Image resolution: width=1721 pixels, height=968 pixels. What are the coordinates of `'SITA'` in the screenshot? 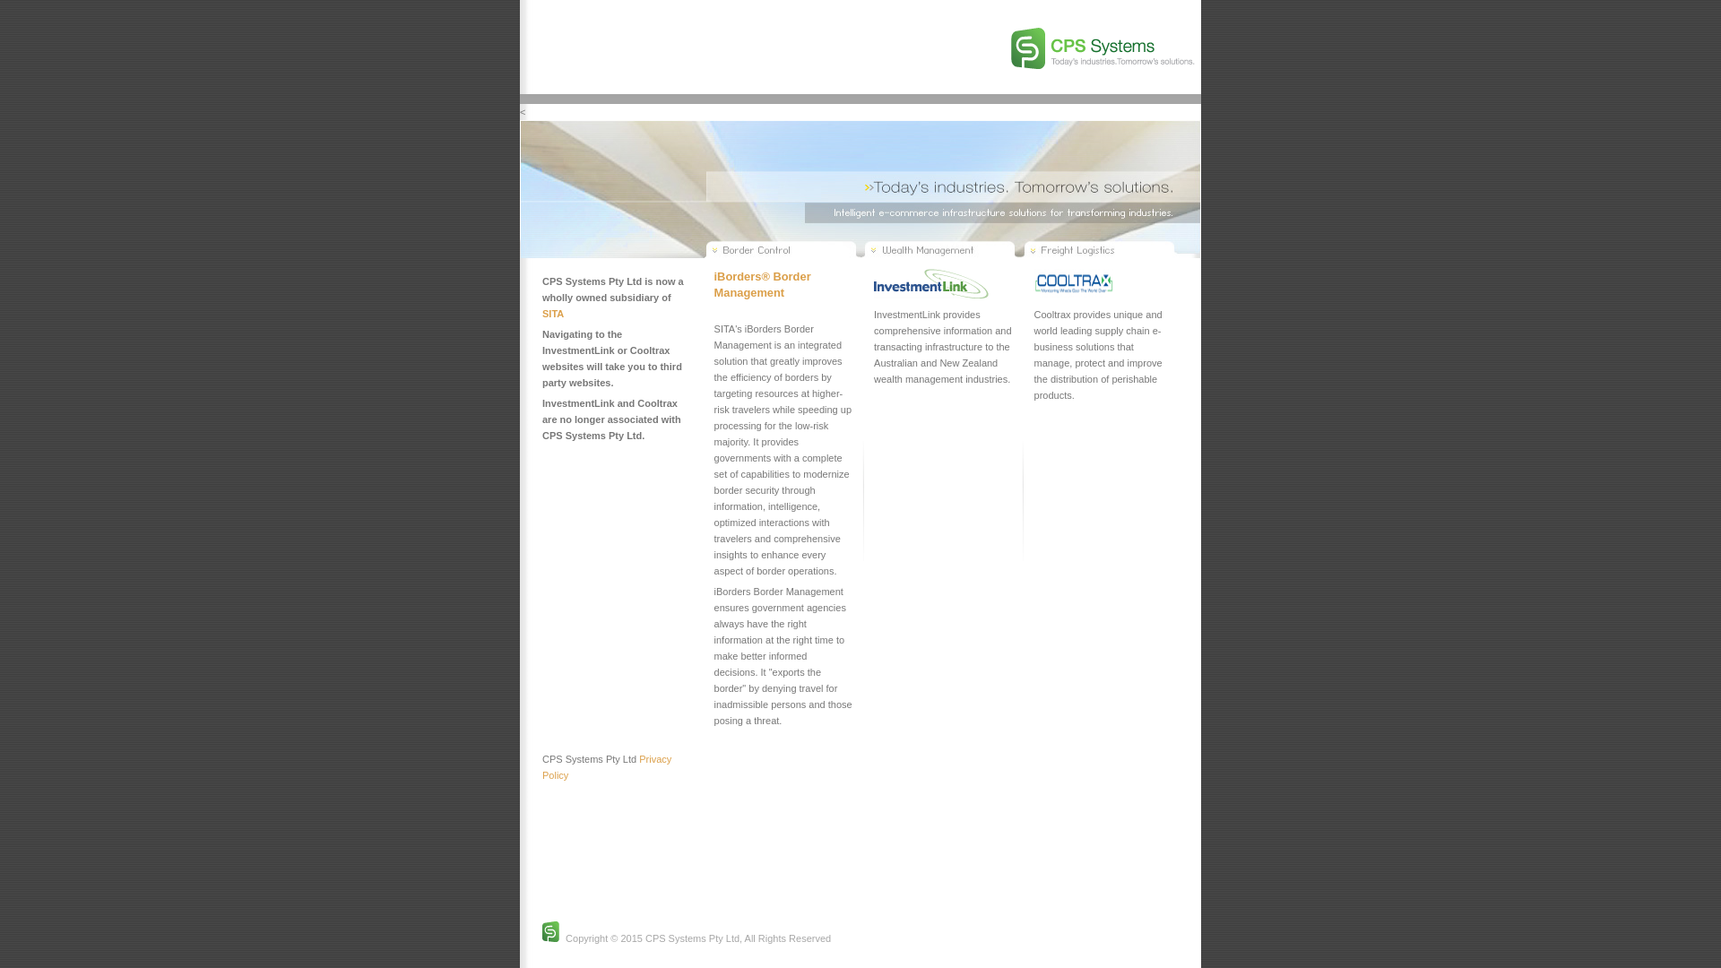 It's located at (541, 313).